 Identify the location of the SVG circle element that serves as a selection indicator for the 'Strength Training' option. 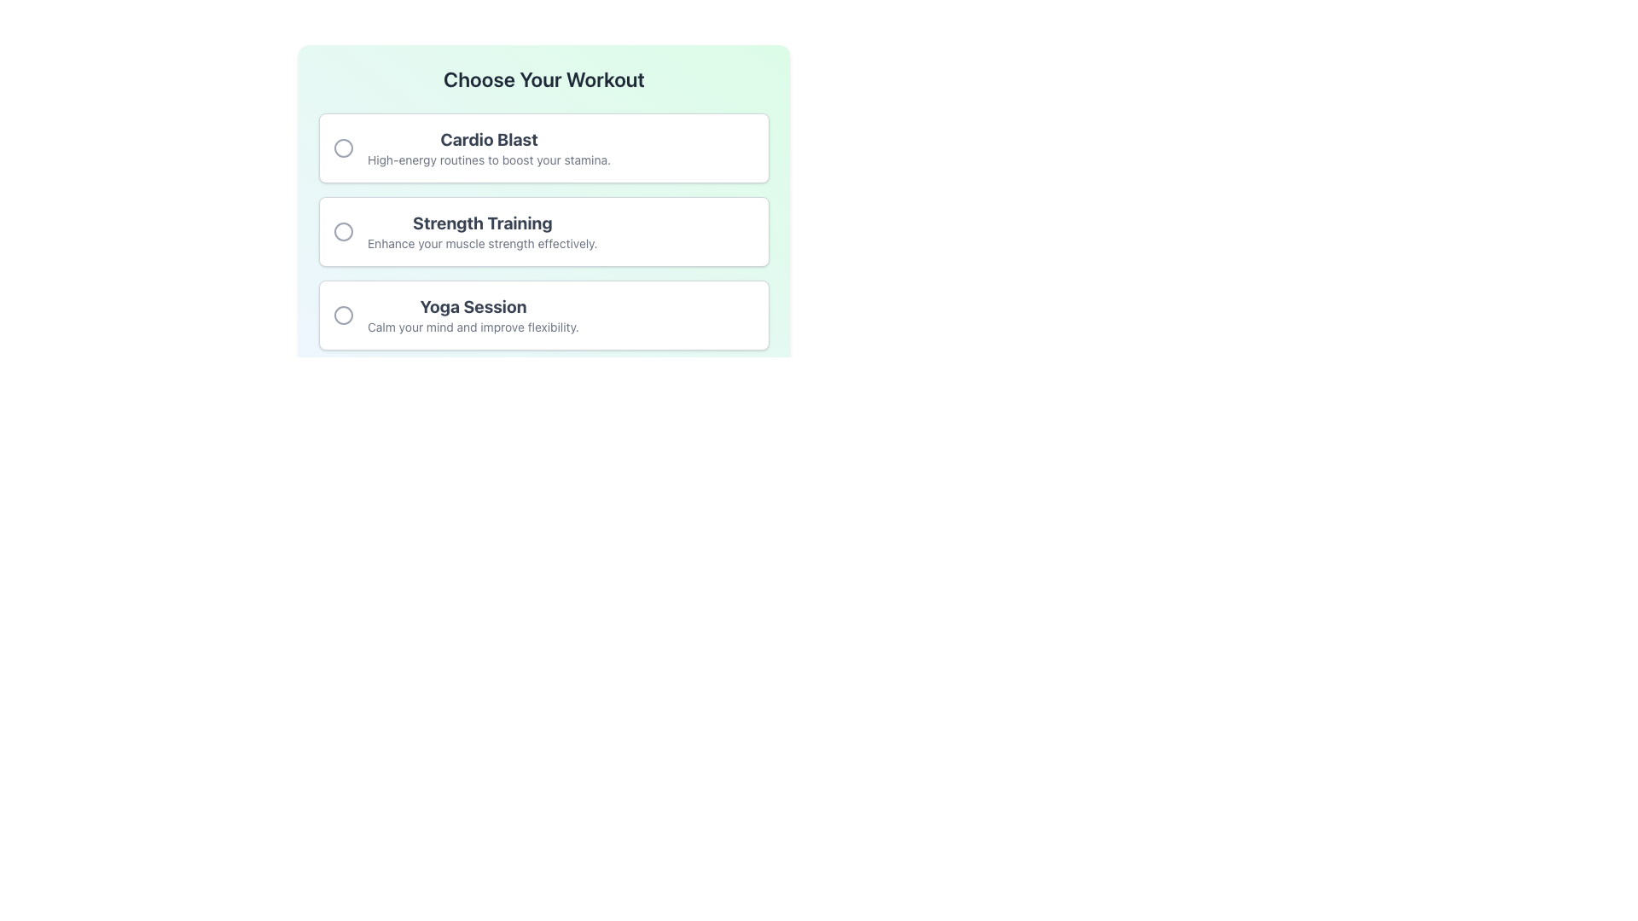
(343, 232).